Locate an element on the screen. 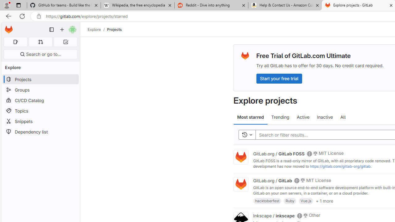 This screenshot has height=222, width=395. 'Class: s16' is located at coordinates (299, 215).